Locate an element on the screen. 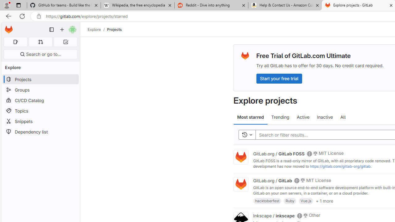 This screenshot has height=222, width=395. 'Class: s16' is located at coordinates (299, 215).